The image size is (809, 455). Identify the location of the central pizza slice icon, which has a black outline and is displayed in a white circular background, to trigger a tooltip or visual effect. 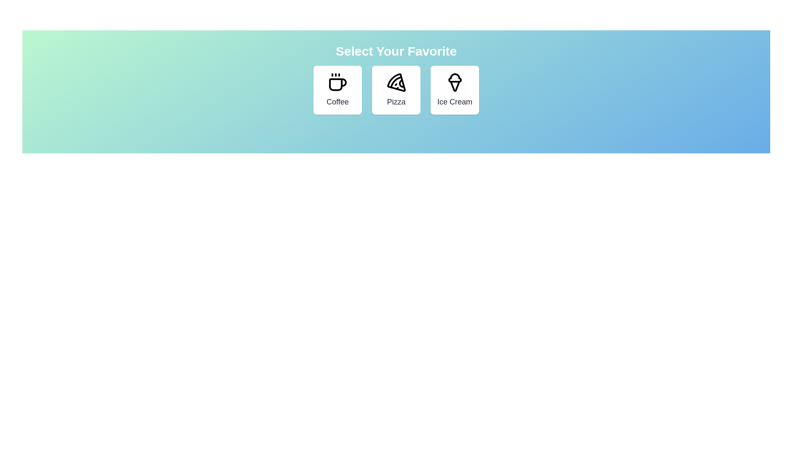
(396, 83).